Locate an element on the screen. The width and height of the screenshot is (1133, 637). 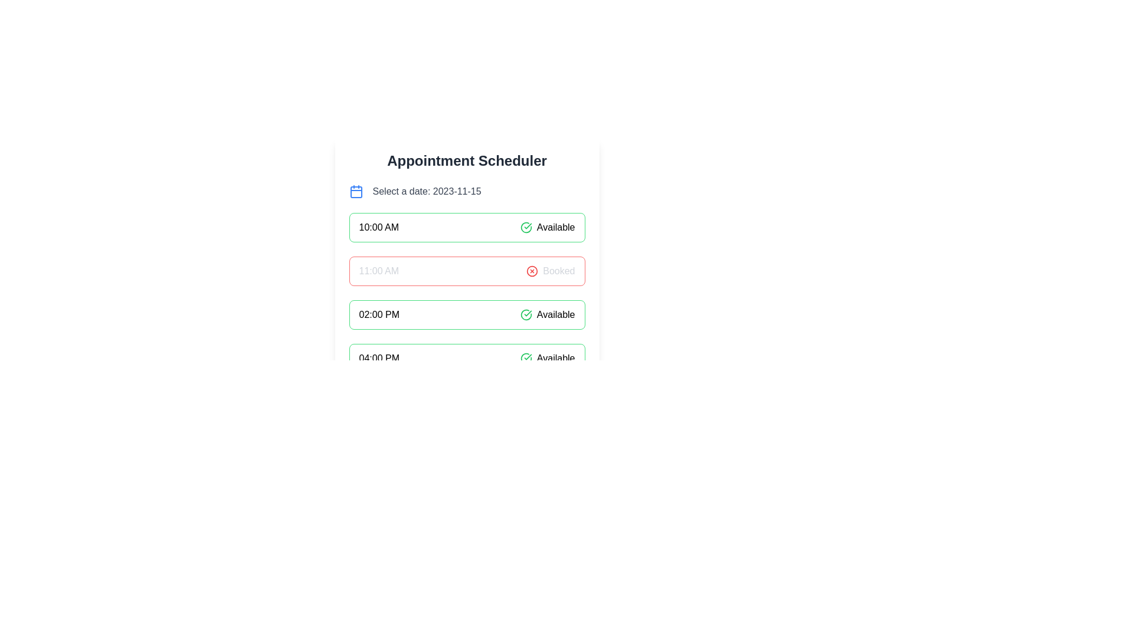
text displayed in the Label element that shows '04:00 PM', located in the fourth row of the appointment scheduler interface with a green border is located at coordinates (379, 358).